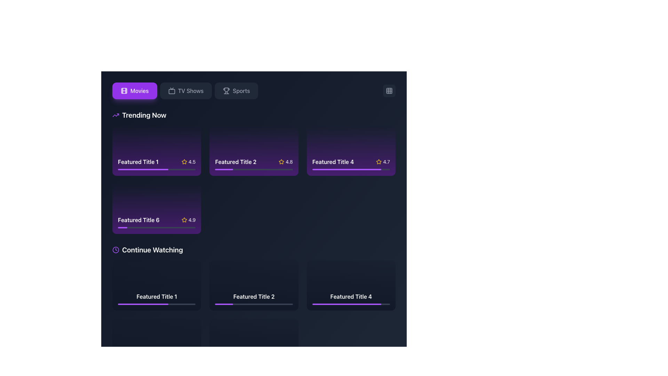 The width and height of the screenshot is (668, 376). Describe the element at coordinates (386, 162) in the screenshot. I see `the numerical rating text '4.7' displayed in small font size, located adjacent` at that location.